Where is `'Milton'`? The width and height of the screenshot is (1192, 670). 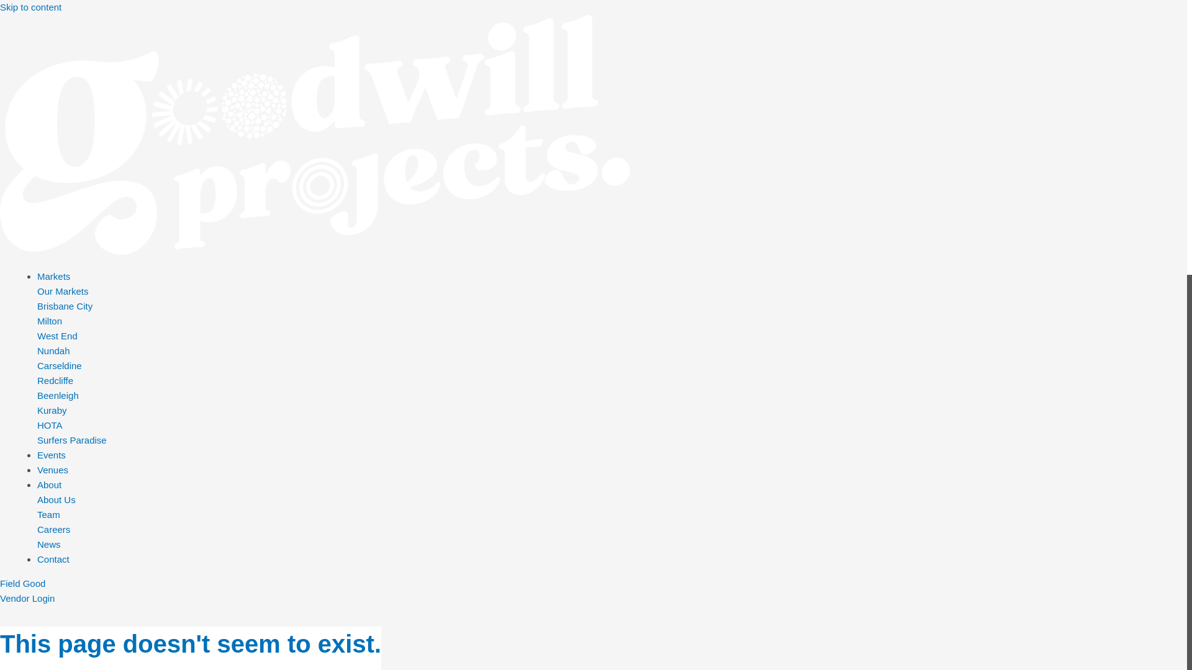
'Milton' is located at coordinates (50, 320).